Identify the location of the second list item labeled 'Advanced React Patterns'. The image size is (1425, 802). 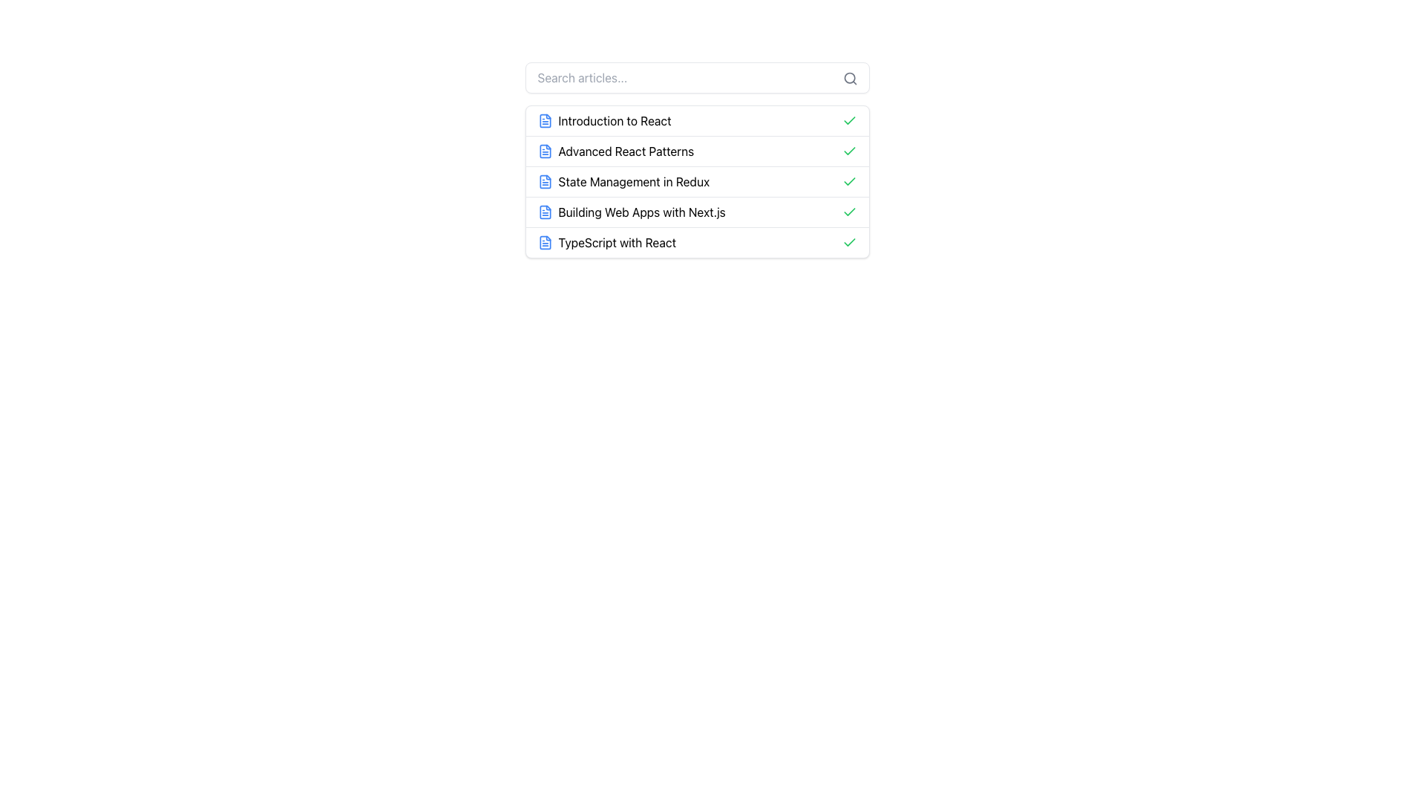
(696, 160).